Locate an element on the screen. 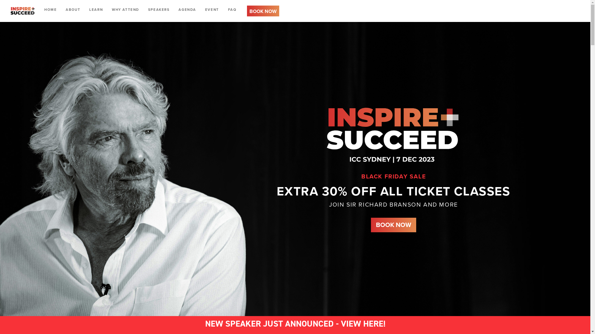 This screenshot has height=334, width=595. 'EVENT' is located at coordinates (212, 9).